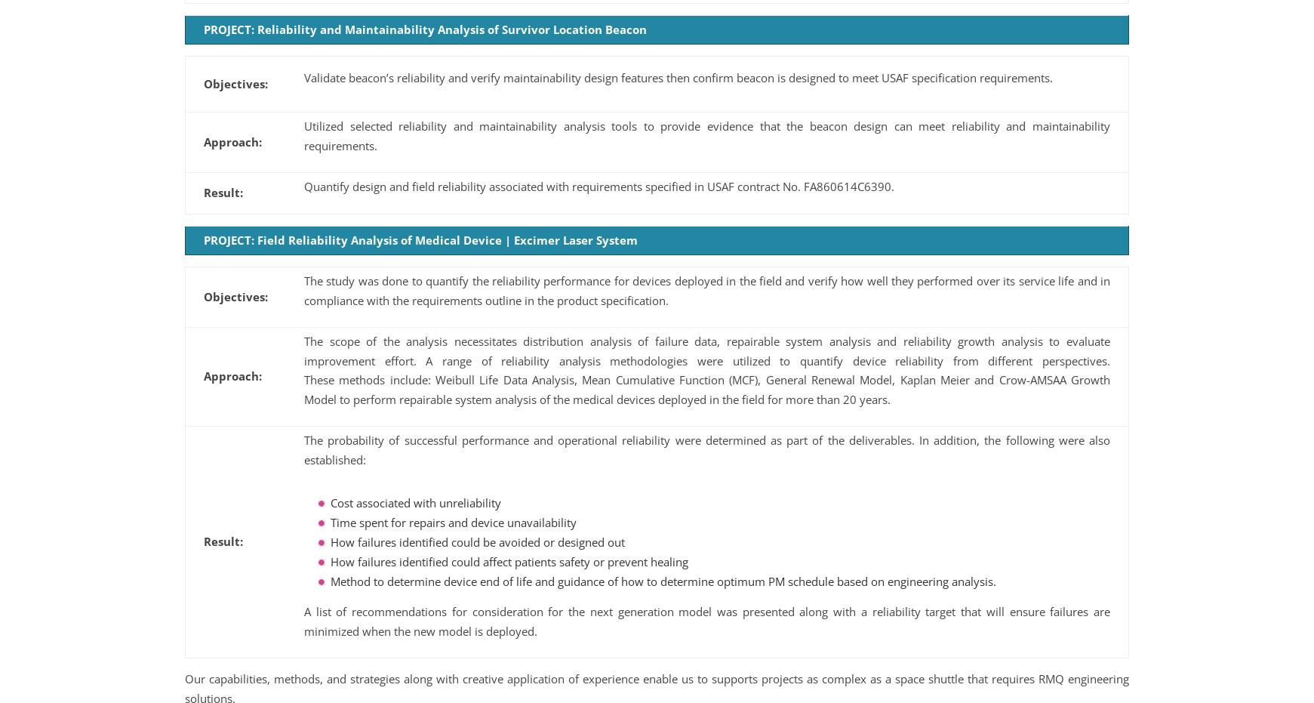  Describe the element at coordinates (707, 449) in the screenshot. I see `'The probability of successful performance and operational reliability were determined as part of the deliverables. In addition, the following were also established:'` at that location.